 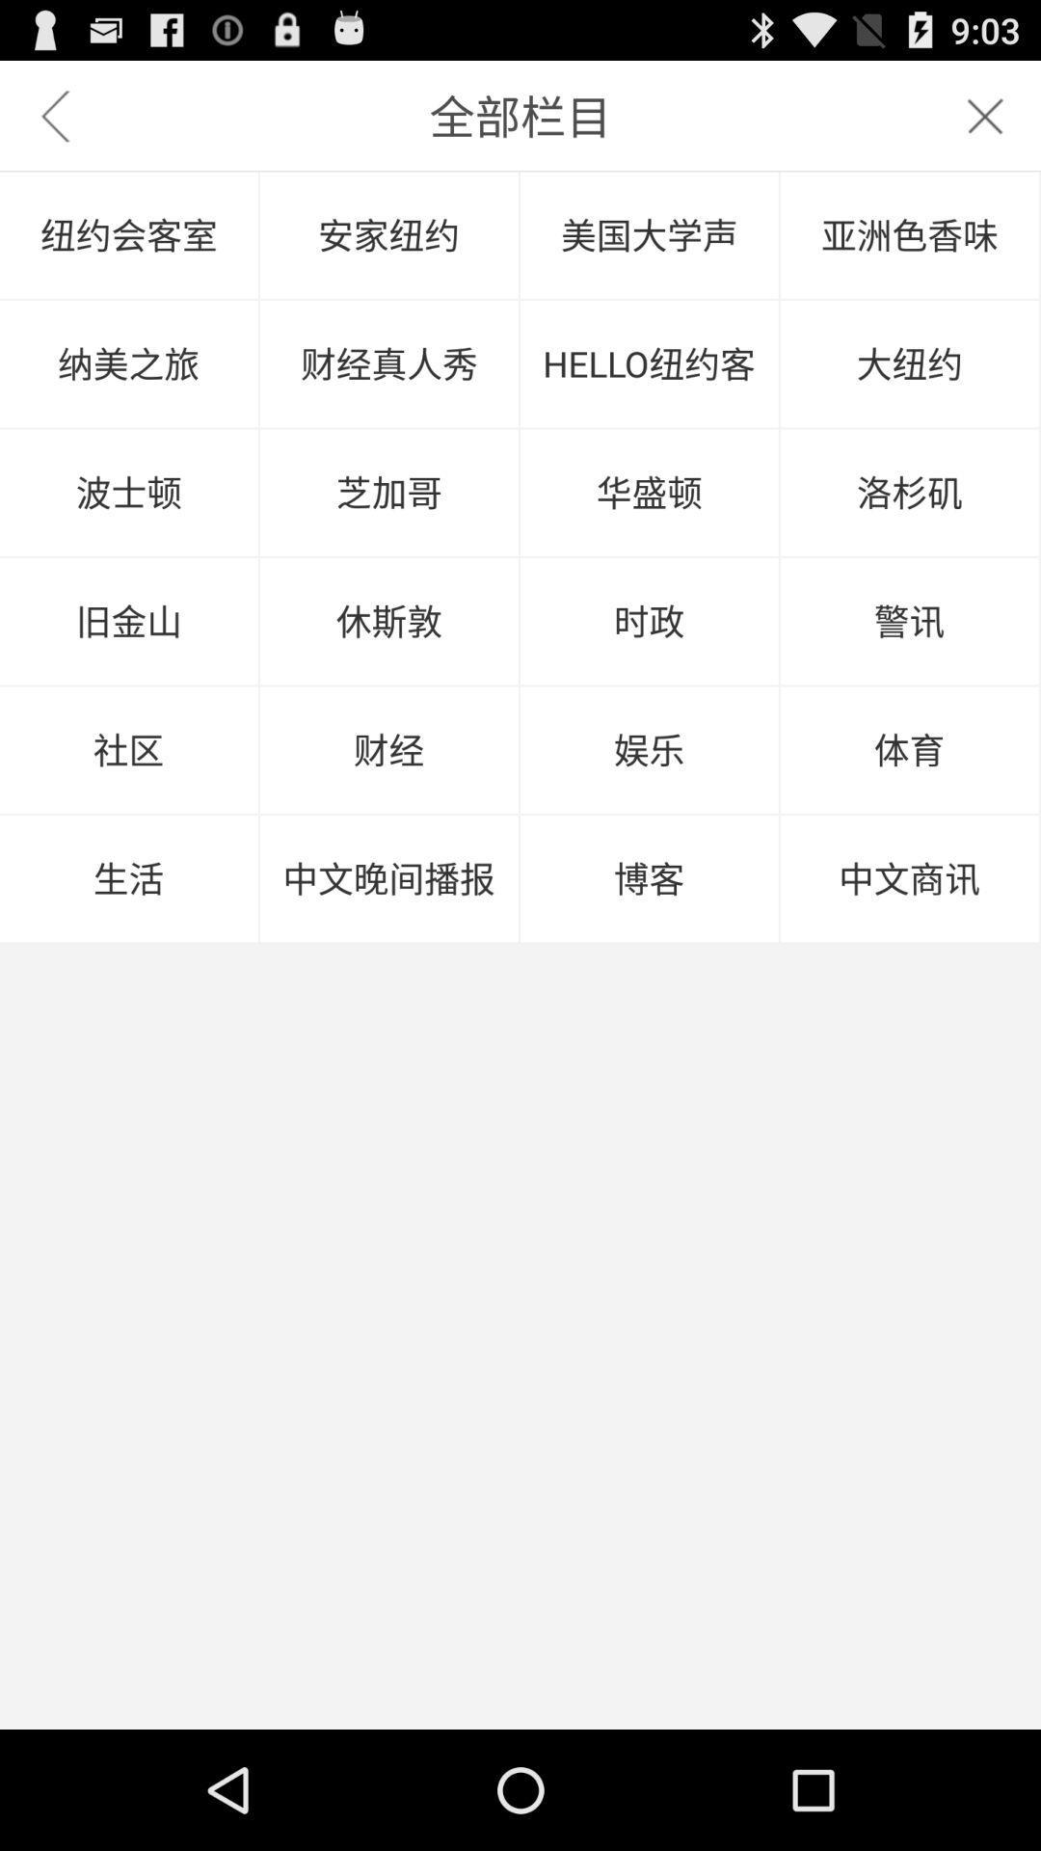 I want to click on the arrow_backward icon, so click(x=54, y=123).